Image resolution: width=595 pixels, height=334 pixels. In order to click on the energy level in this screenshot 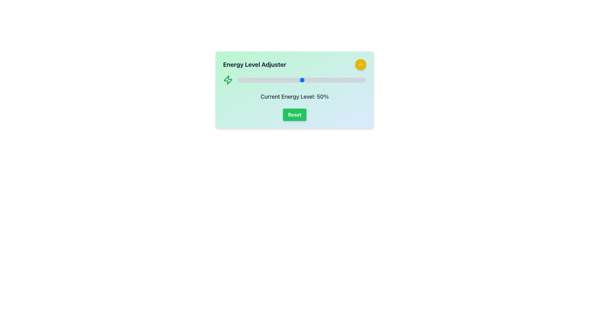, I will do `click(357, 79)`.